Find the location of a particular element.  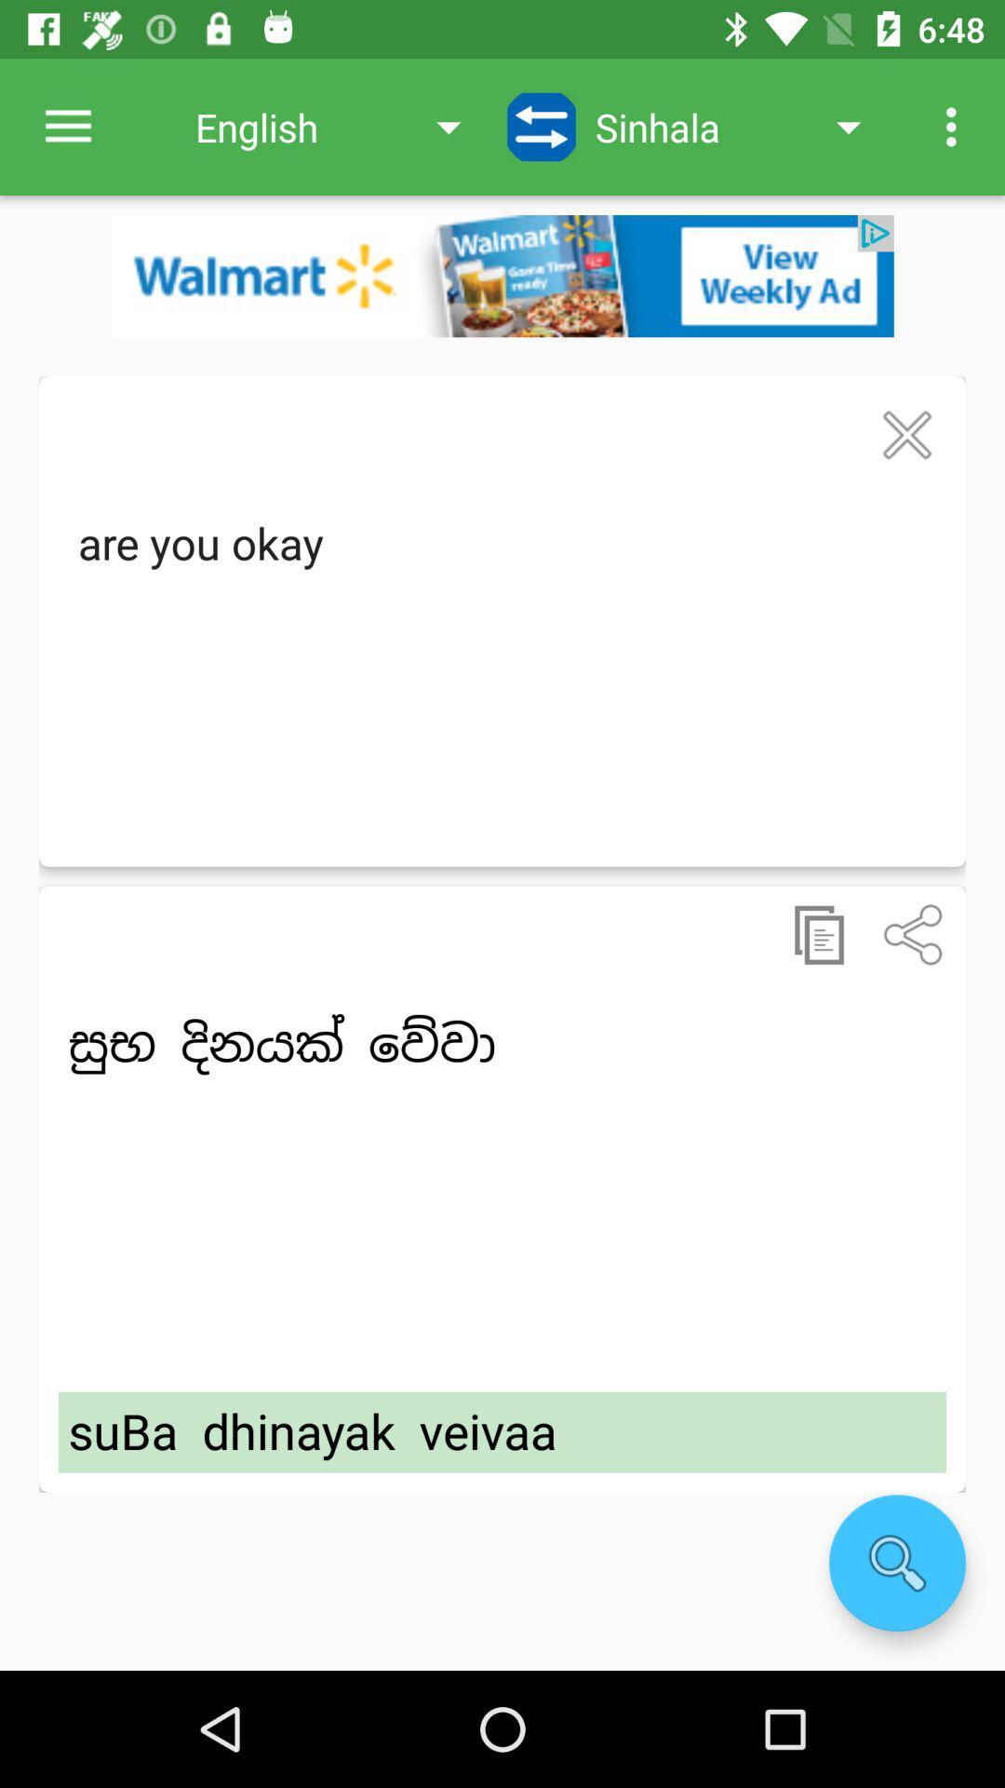

walmart advertisement is located at coordinates (502, 275).